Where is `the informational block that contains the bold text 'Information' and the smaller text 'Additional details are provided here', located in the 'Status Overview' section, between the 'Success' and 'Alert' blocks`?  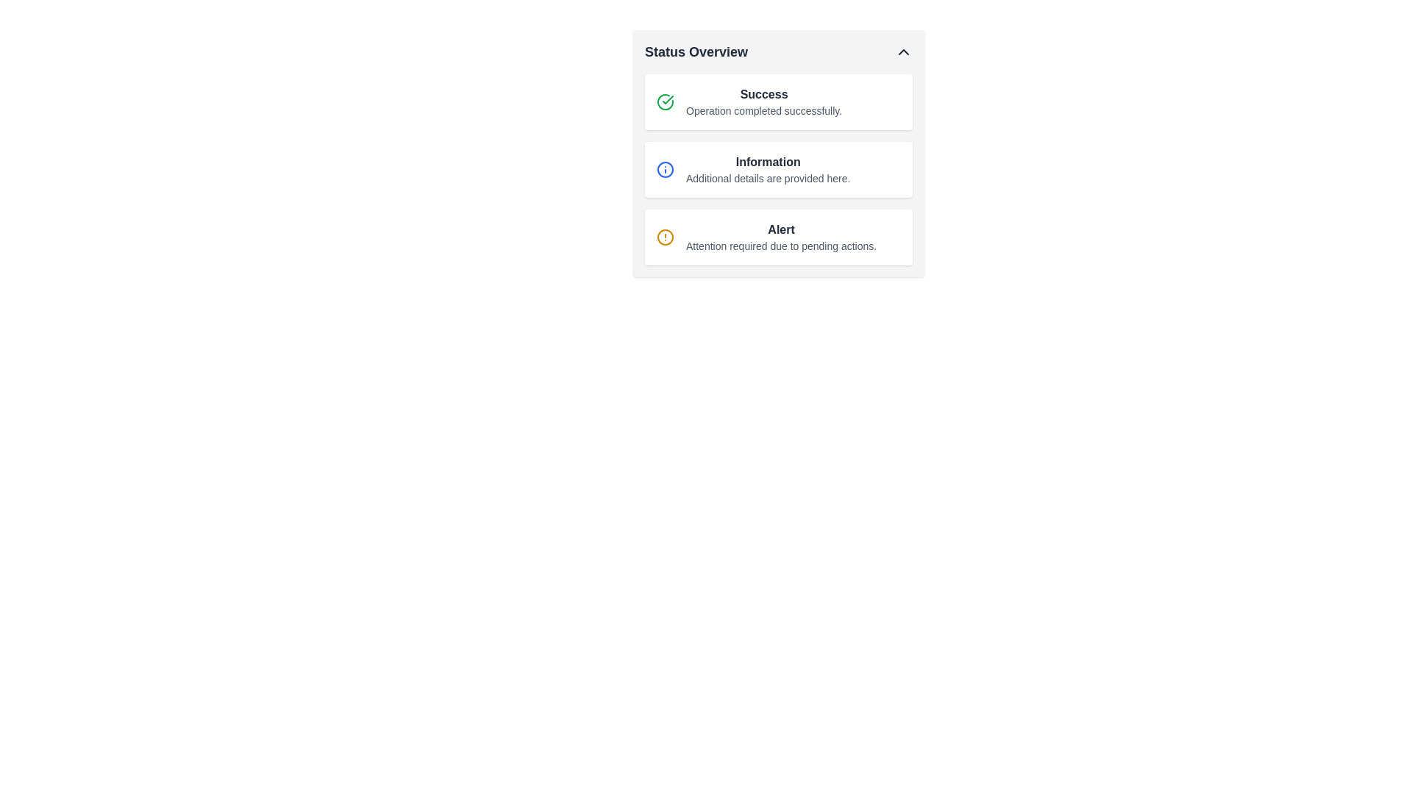
the informational block that contains the bold text 'Information' and the smaller text 'Additional details are provided here', located in the 'Status Overview' section, between the 'Success' and 'Alert' blocks is located at coordinates (778, 169).